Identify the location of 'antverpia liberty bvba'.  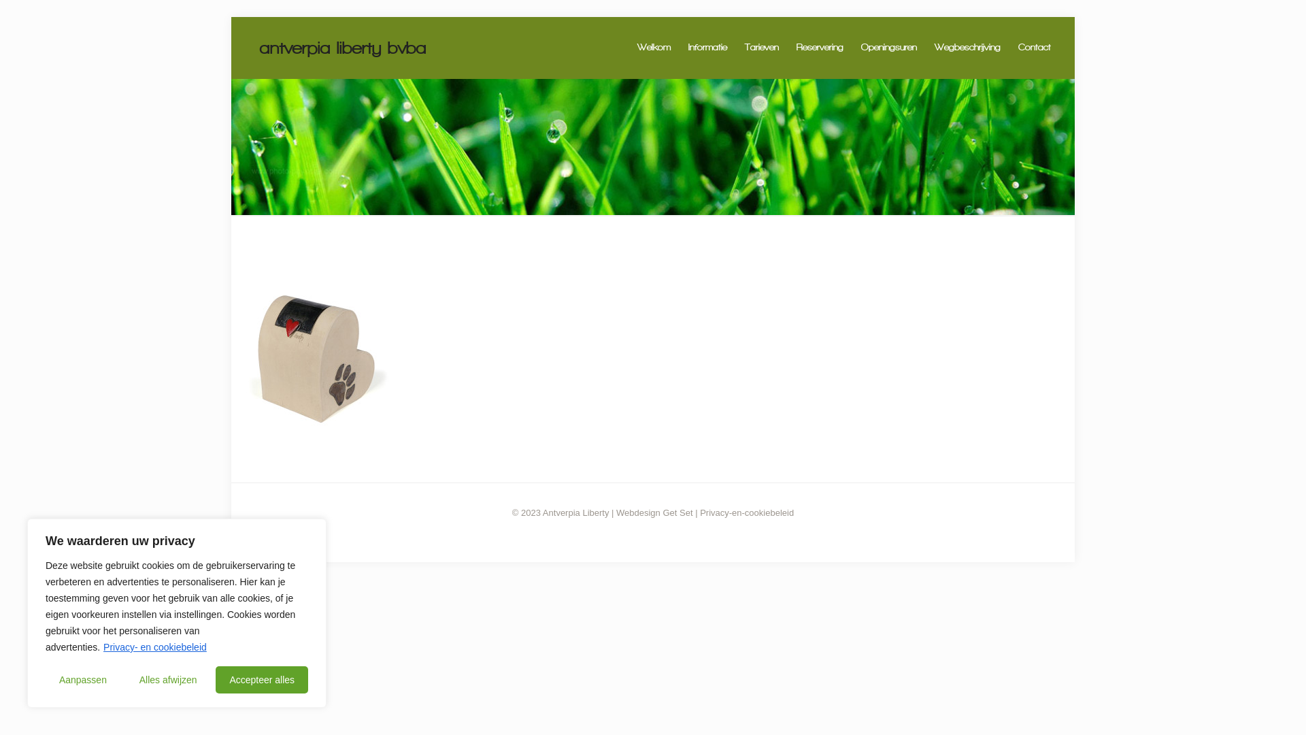
(343, 46).